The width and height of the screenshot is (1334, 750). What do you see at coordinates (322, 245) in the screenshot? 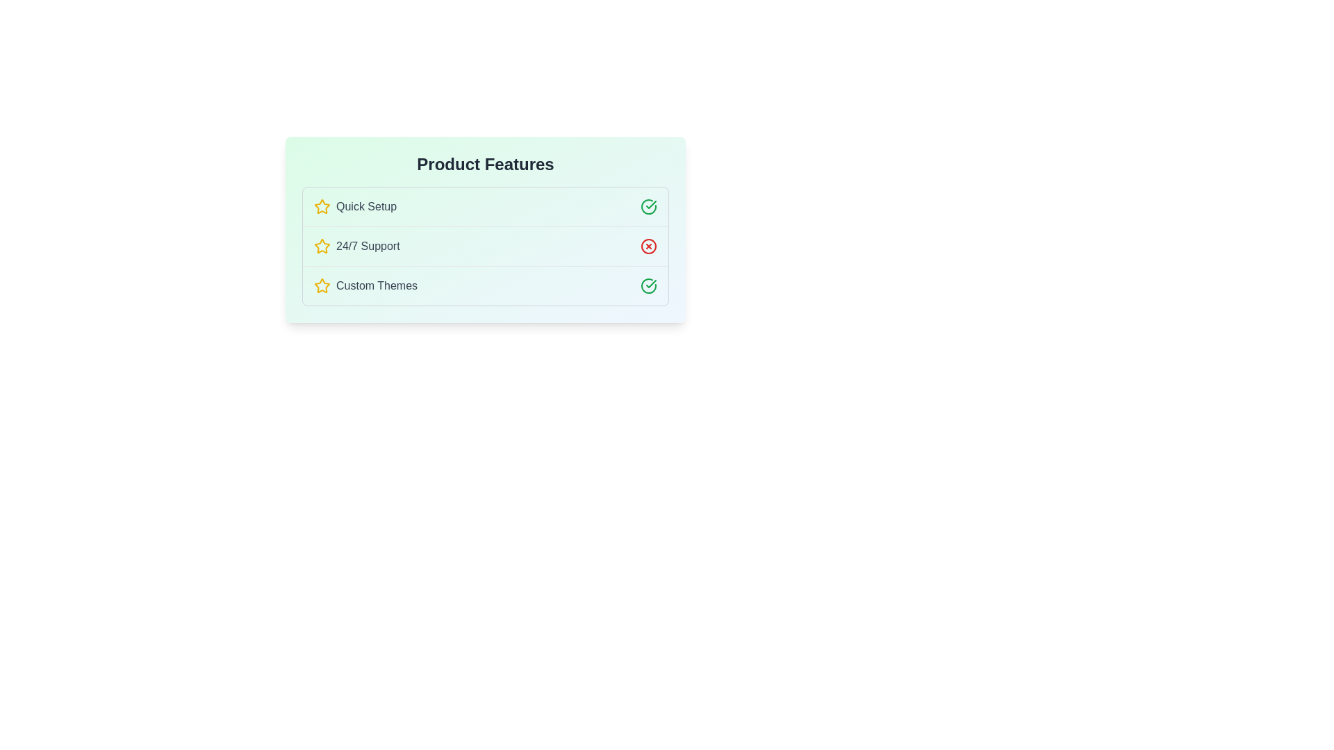
I see `star icon next to the feature named 24/7 Support` at bounding box center [322, 245].